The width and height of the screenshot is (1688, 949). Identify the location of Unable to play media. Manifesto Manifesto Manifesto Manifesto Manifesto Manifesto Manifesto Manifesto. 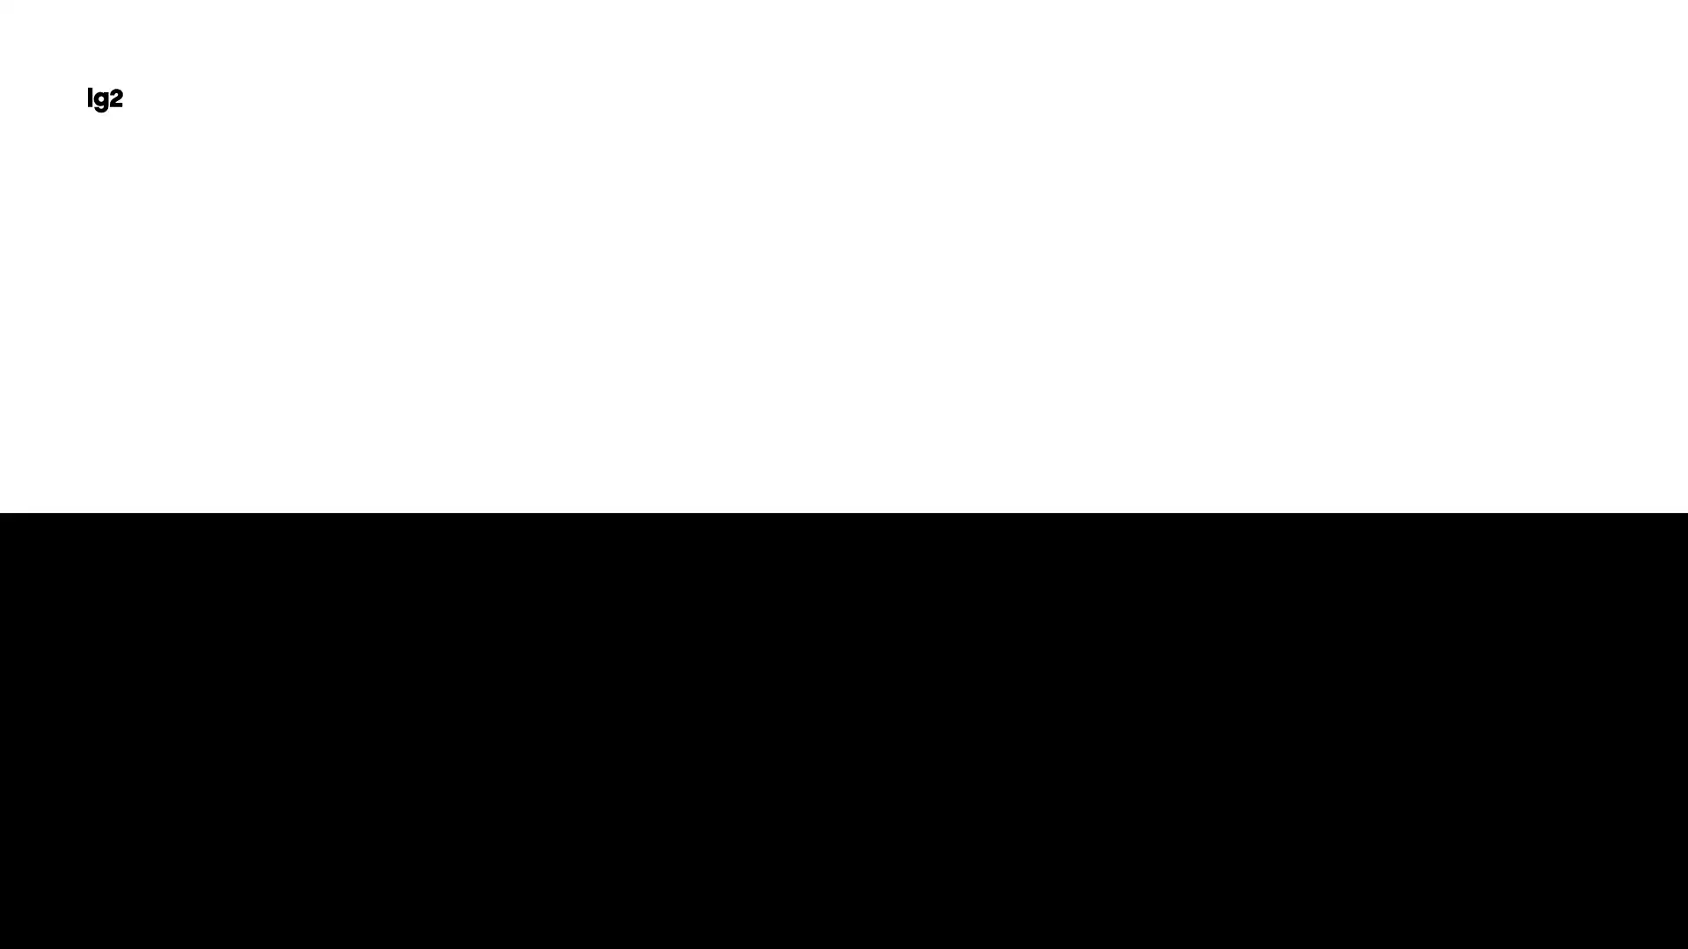
(167, 826).